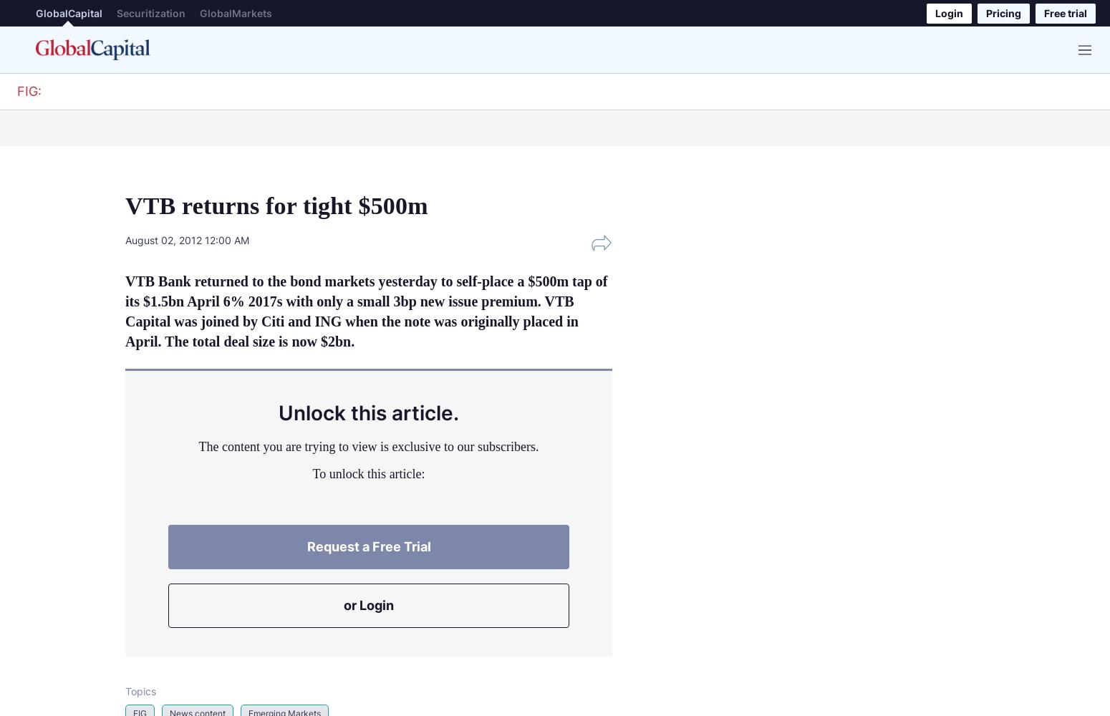 The width and height of the screenshot is (1110, 716). Describe the element at coordinates (1066, 12) in the screenshot. I see `'Free trial'` at that location.